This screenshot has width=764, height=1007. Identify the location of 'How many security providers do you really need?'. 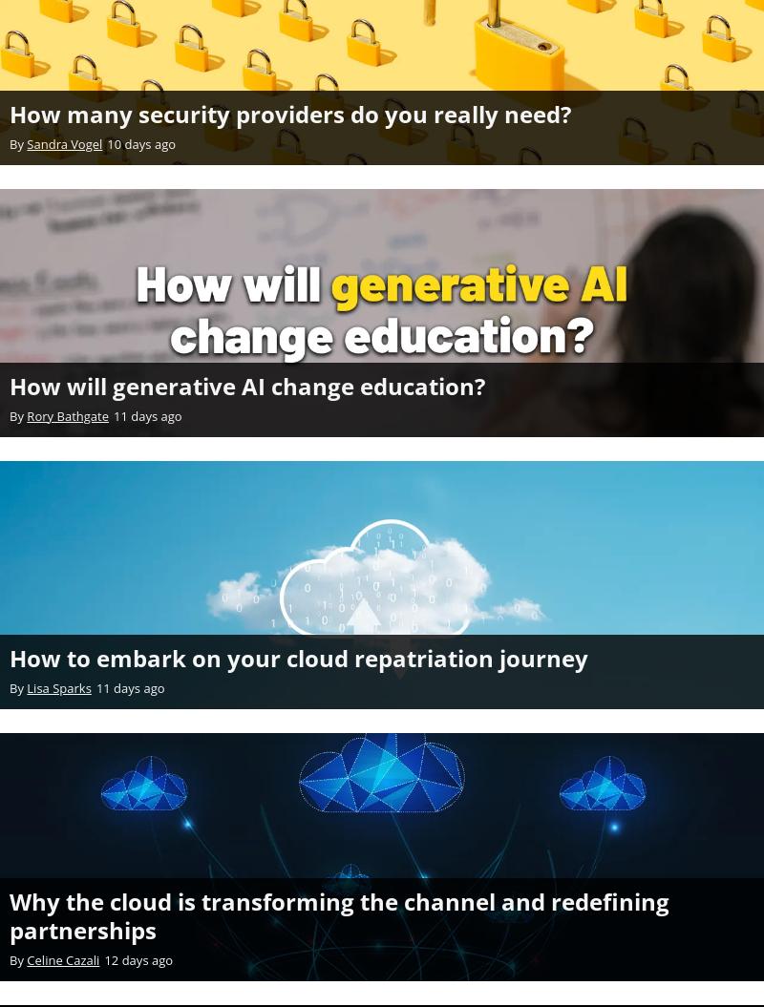
(289, 113).